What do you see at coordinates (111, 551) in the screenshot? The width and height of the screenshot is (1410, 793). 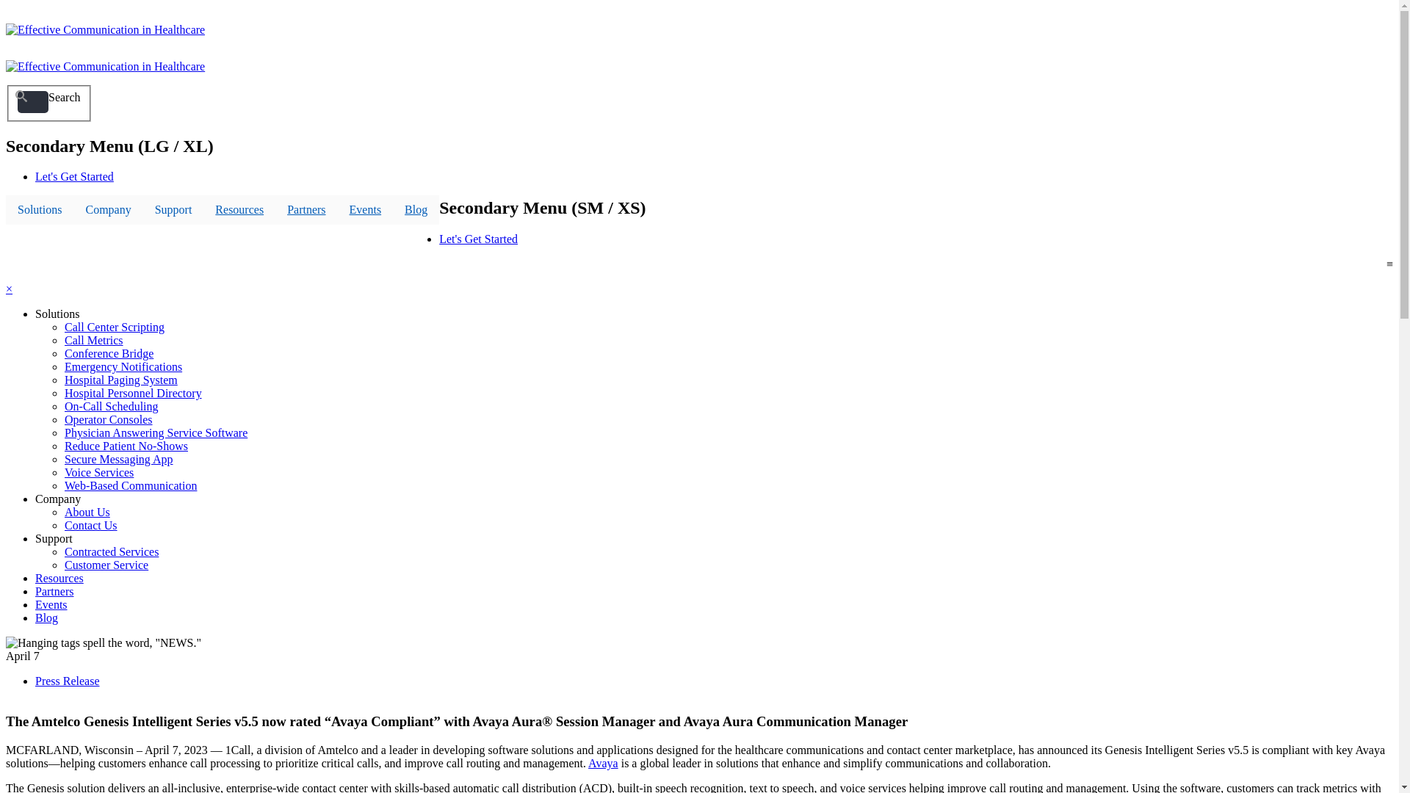 I see `'Contracted Services'` at bounding box center [111, 551].